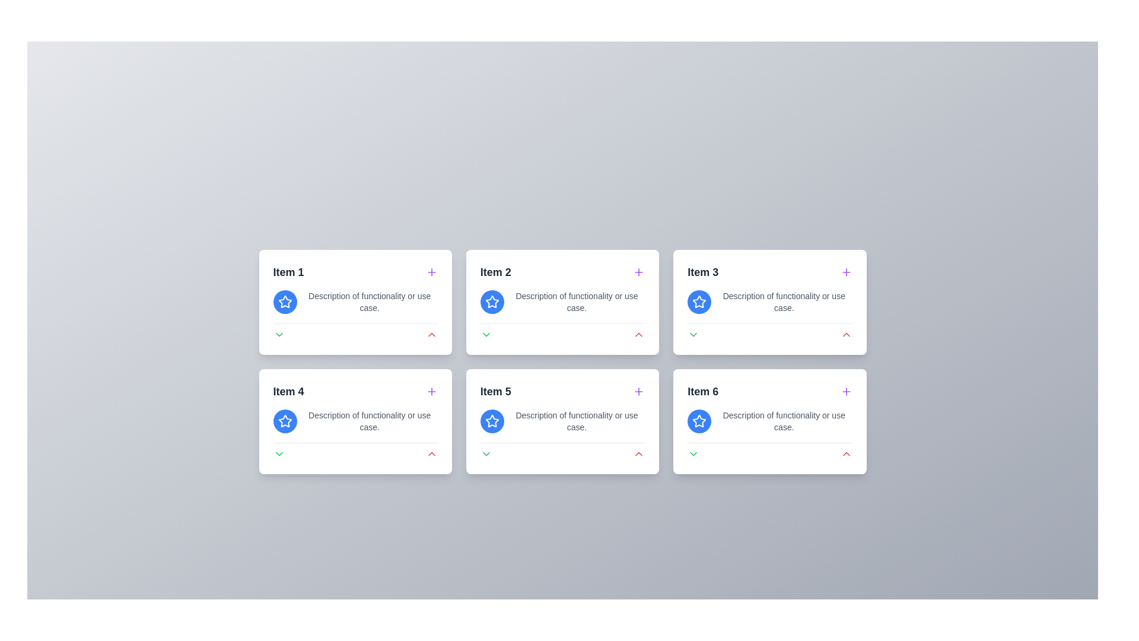  I want to click on the collapse button on the second card in the second row of the grid layout, so click(355, 421).